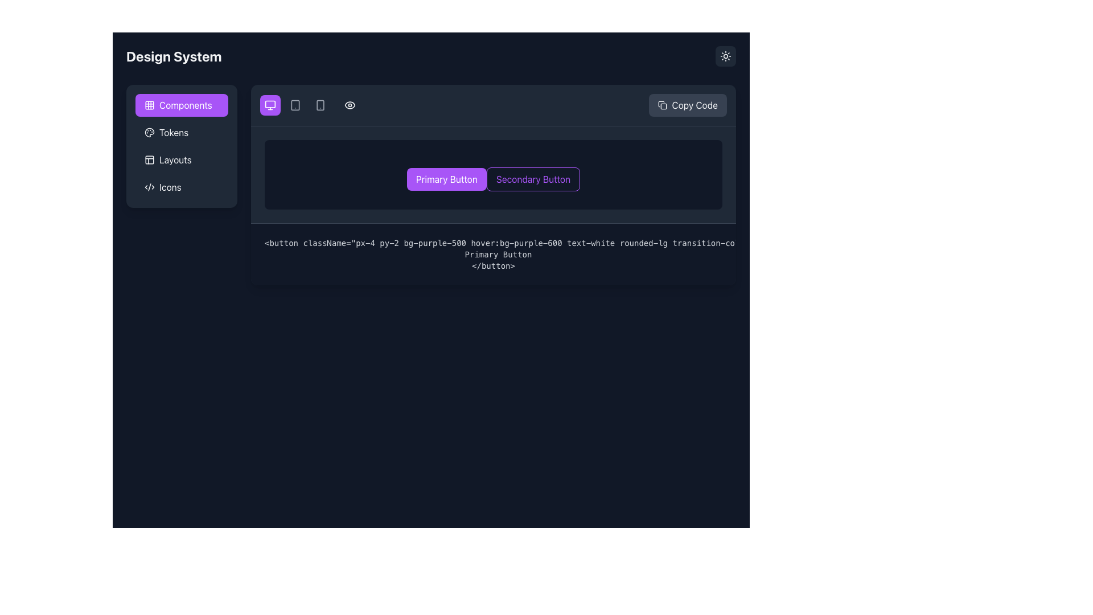 This screenshot has width=1093, height=615. Describe the element at coordinates (186, 105) in the screenshot. I see `the navigation item labeled 'Components' which is the first item in the left navigation panel, styled with a bold white font on a purple rounded rectangular background` at that location.